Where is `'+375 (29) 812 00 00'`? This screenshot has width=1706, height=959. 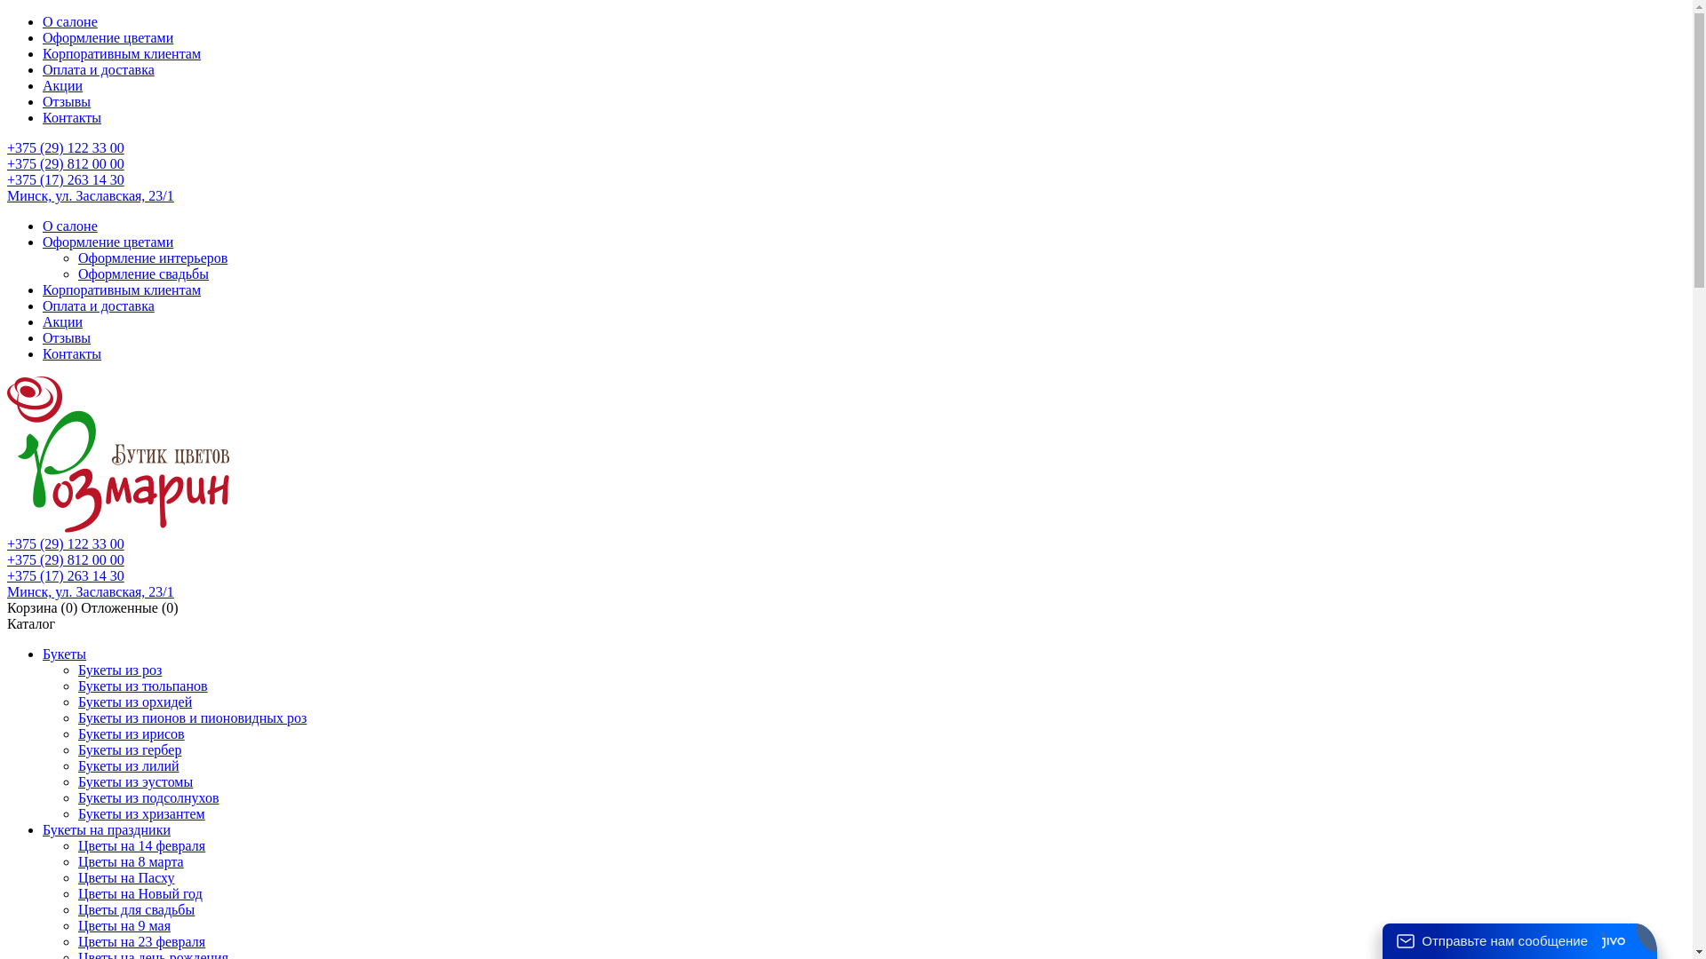
'+375 (29) 812 00 00' is located at coordinates (65, 559).